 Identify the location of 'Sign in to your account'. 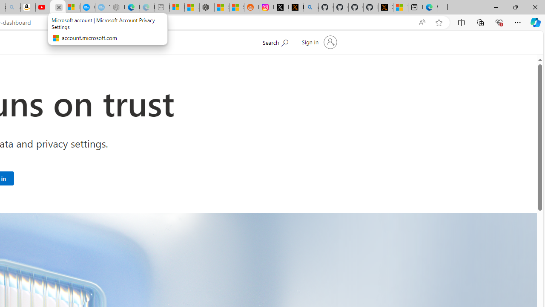
(318, 42).